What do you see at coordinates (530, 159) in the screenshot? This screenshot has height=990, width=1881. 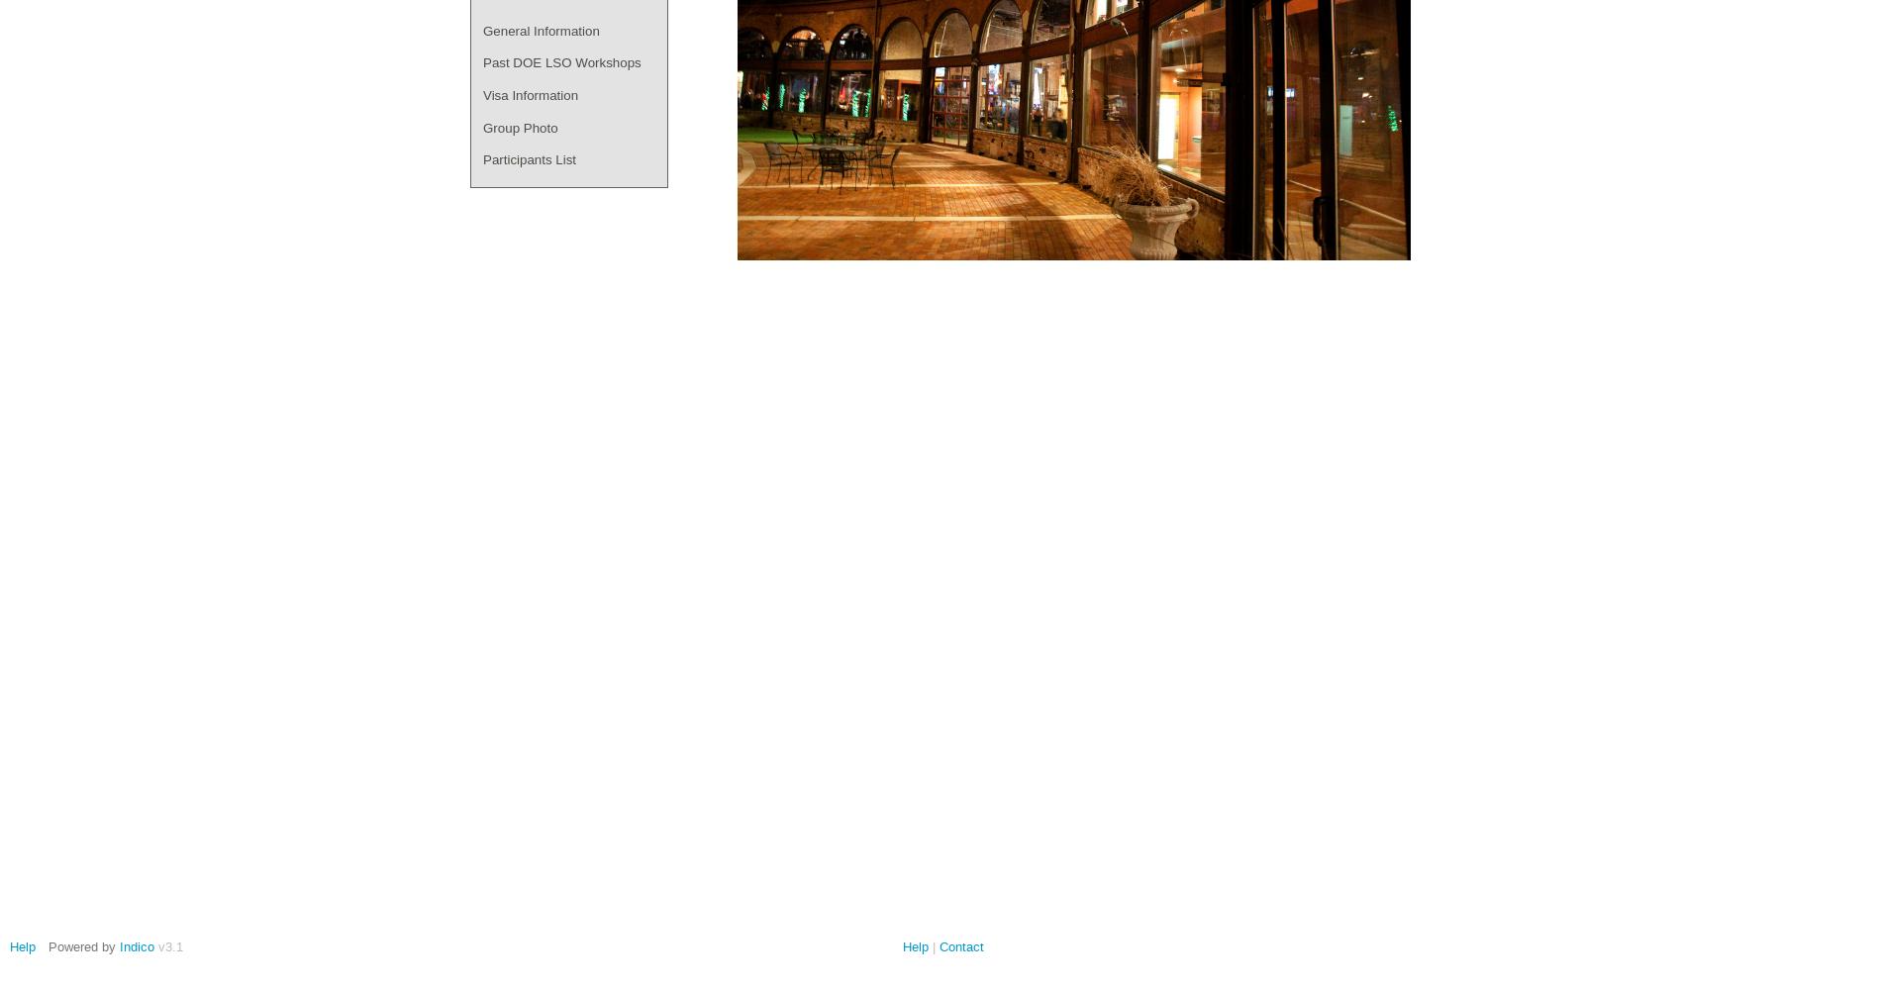 I see `'Participants List'` at bounding box center [530, 159].